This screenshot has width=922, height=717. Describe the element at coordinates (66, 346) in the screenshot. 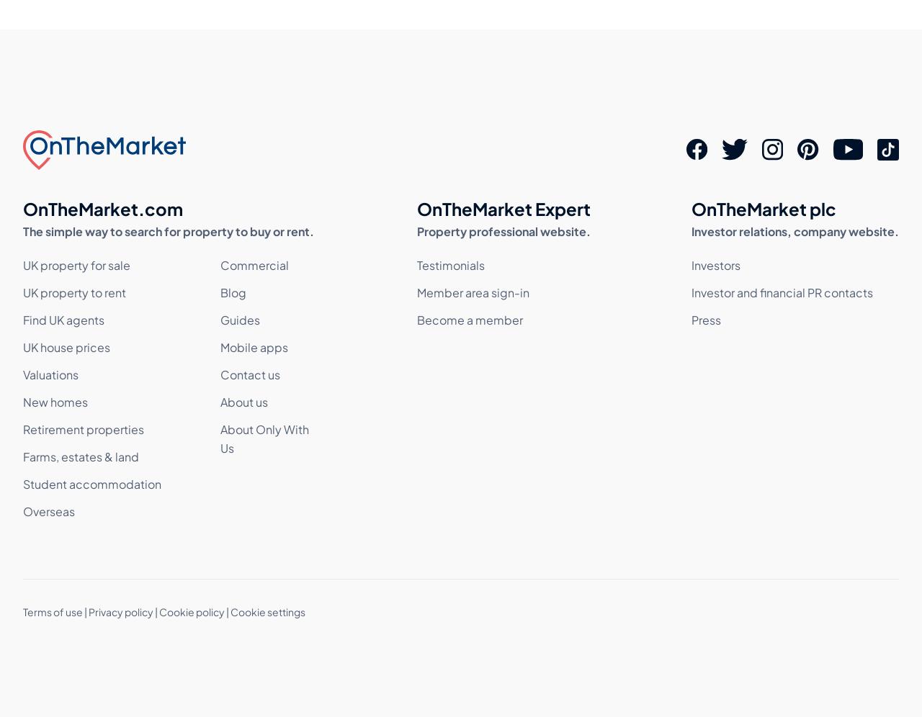

I see `'UK house prices'` at that location.